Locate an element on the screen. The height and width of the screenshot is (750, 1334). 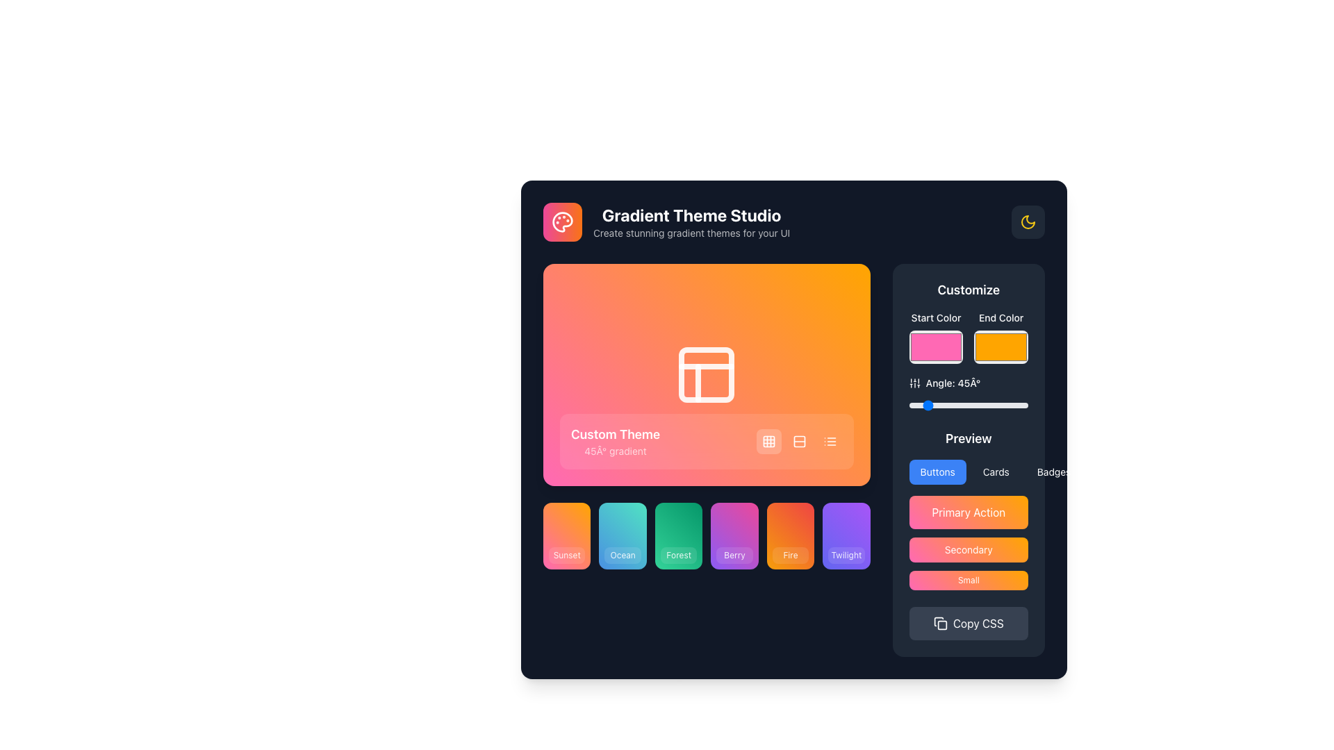
the color picker located directly below the 'Start Color' label in the 'Customize' section is located at coordinates (936, 347).